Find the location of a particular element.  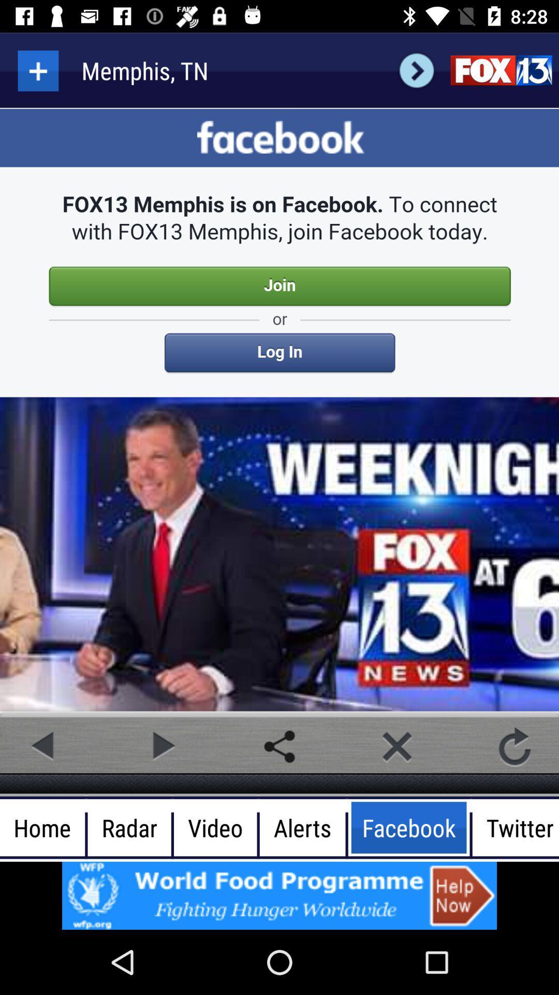

description is located at coordinates (279, 410).